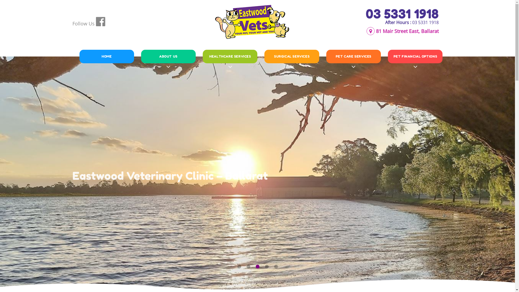 The width and height of the screenshot is (519, 292). What do you see at coordinates (402, 13) in the screenshot?
I see `'03 5331 1918'` at bounding box center [402, 13].